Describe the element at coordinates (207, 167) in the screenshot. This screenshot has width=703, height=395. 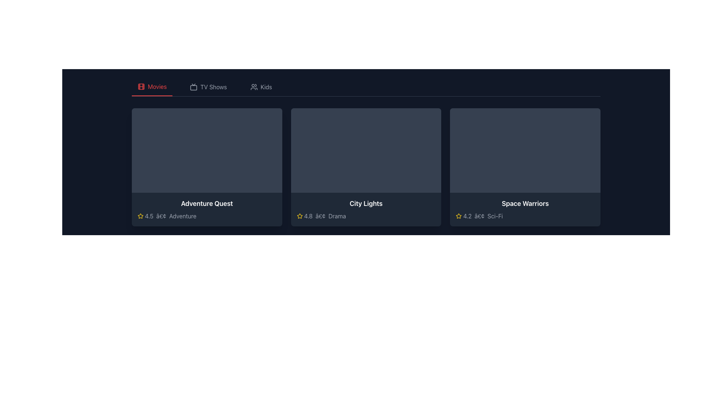
I see `the 'Adventure Quest' card located at the top left corner of the grid under the 'Movies' tab` at that location.